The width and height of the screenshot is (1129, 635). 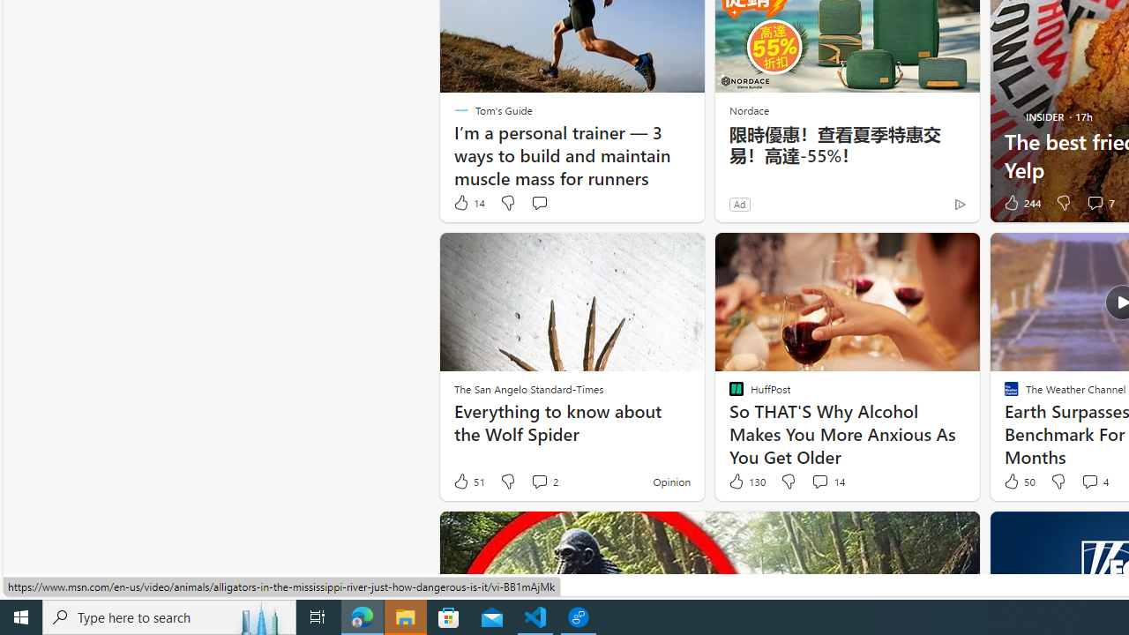 What do you see at coordinates (1021, 202) in the screenshot?
I see `'244 Like'` at bounding box center [1021, 202].